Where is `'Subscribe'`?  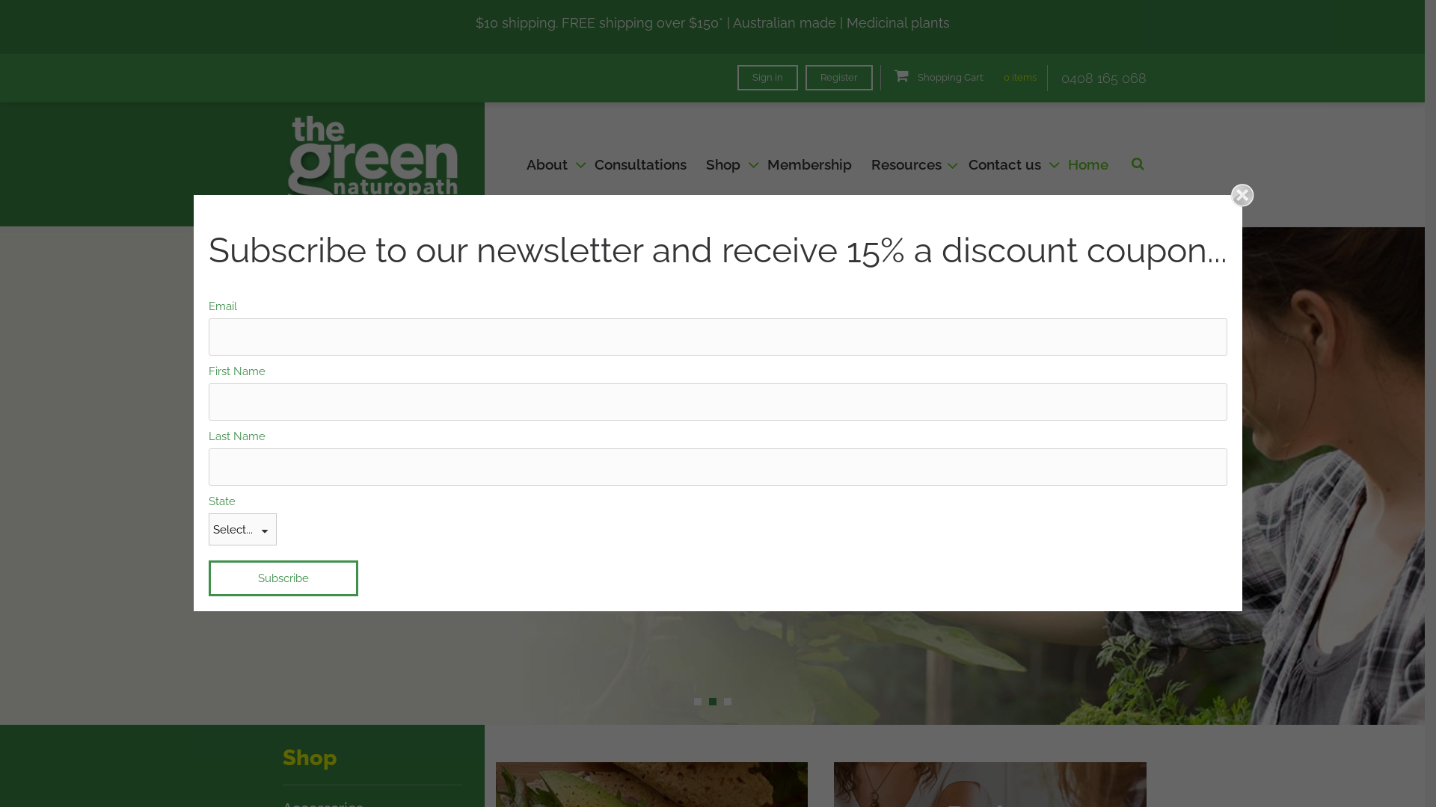 'Subscribe' is located at coordinates (207, 578).